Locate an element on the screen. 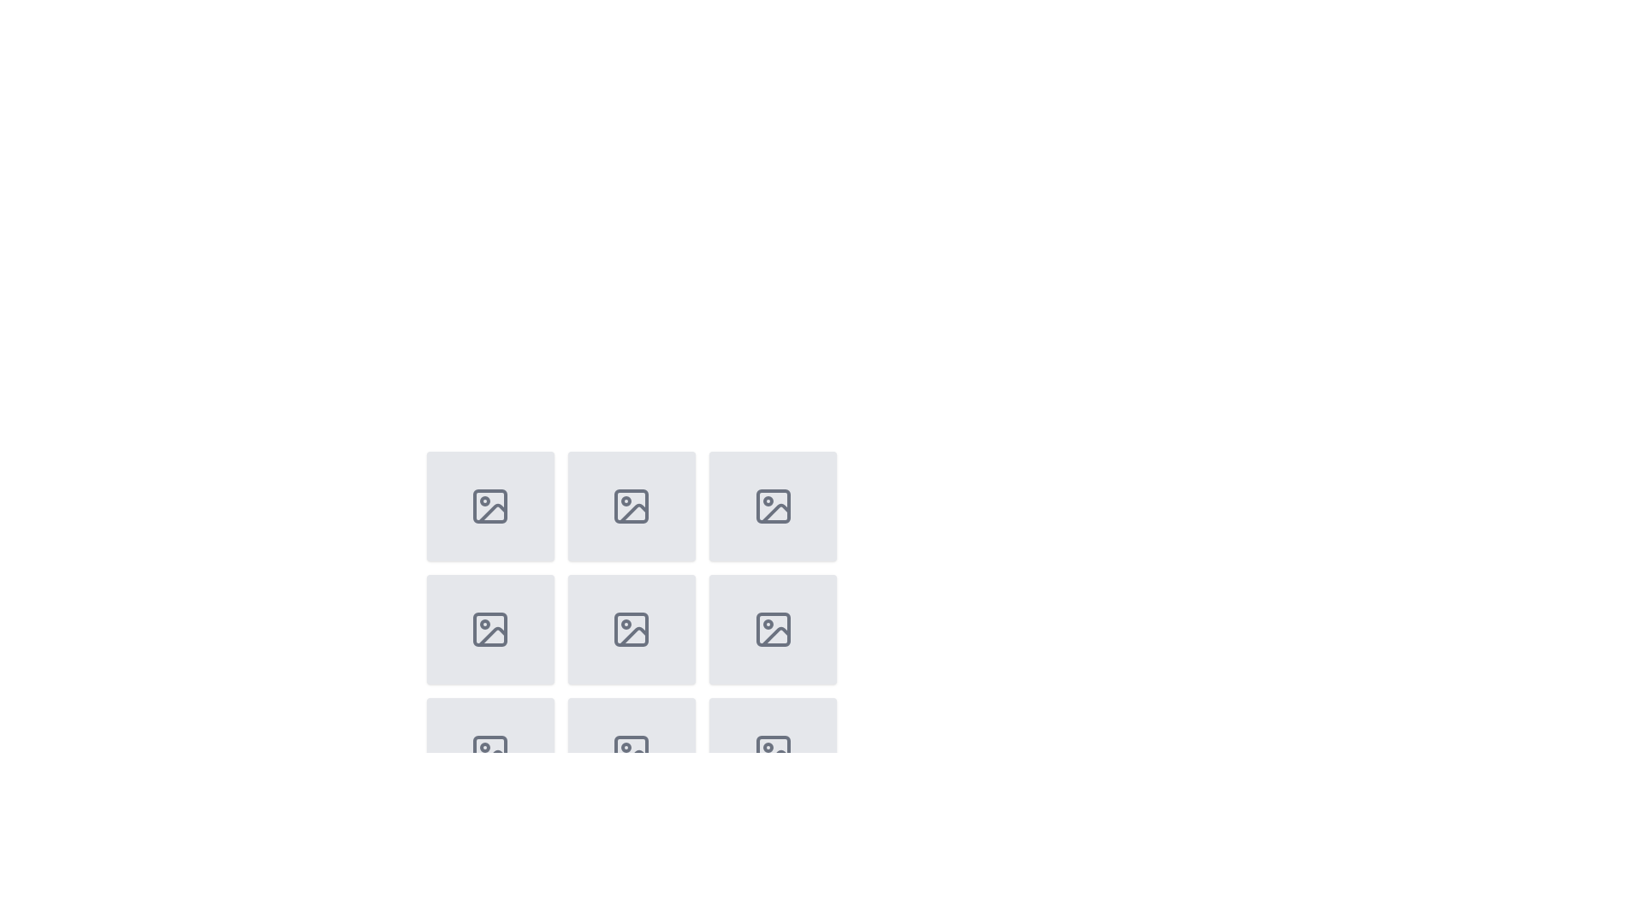 The image size is (1643, 924). the icon styled as an image placeholder with a rounded rectangle and a circle inside it, located in the second row and second column of the grid arrangement is located at coordinates (631, 505).